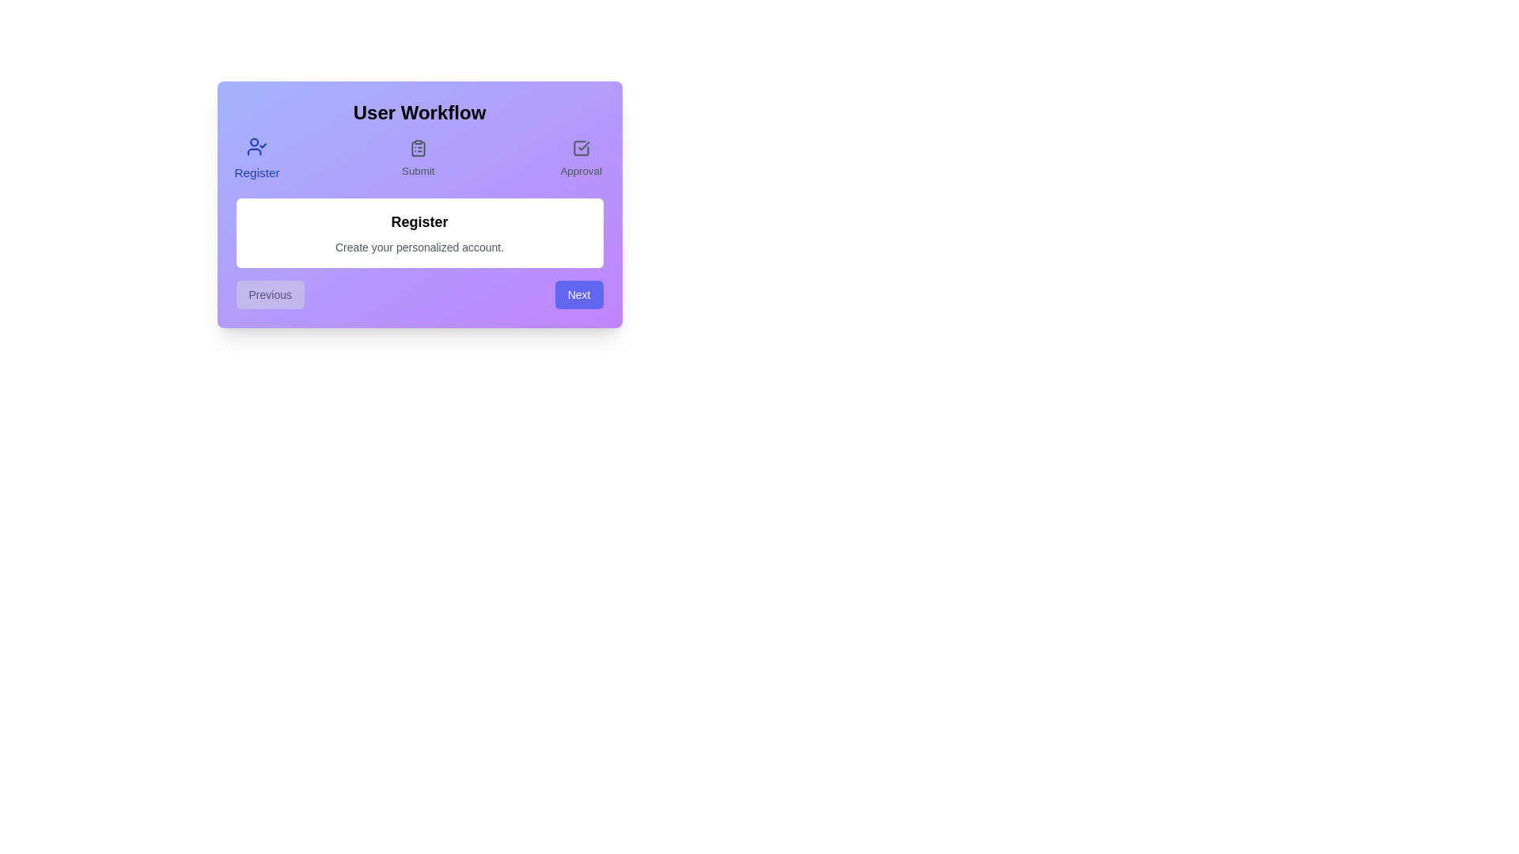  I want to click on the 'Next' button to proceed to the next step, so click(578, 295).